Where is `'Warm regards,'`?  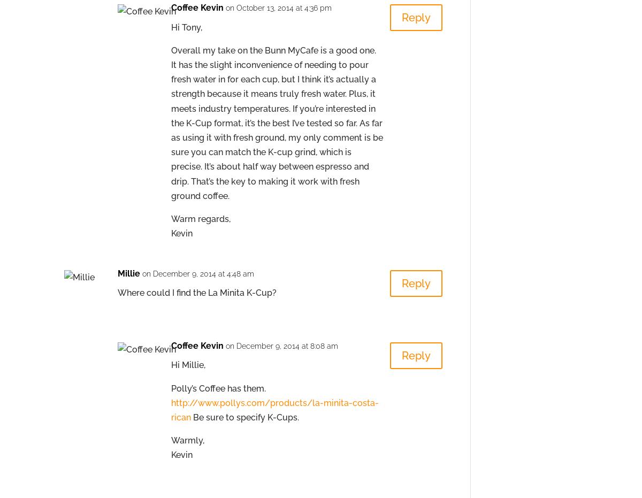
'Warm regards,' is located at coordinates (201, 218).